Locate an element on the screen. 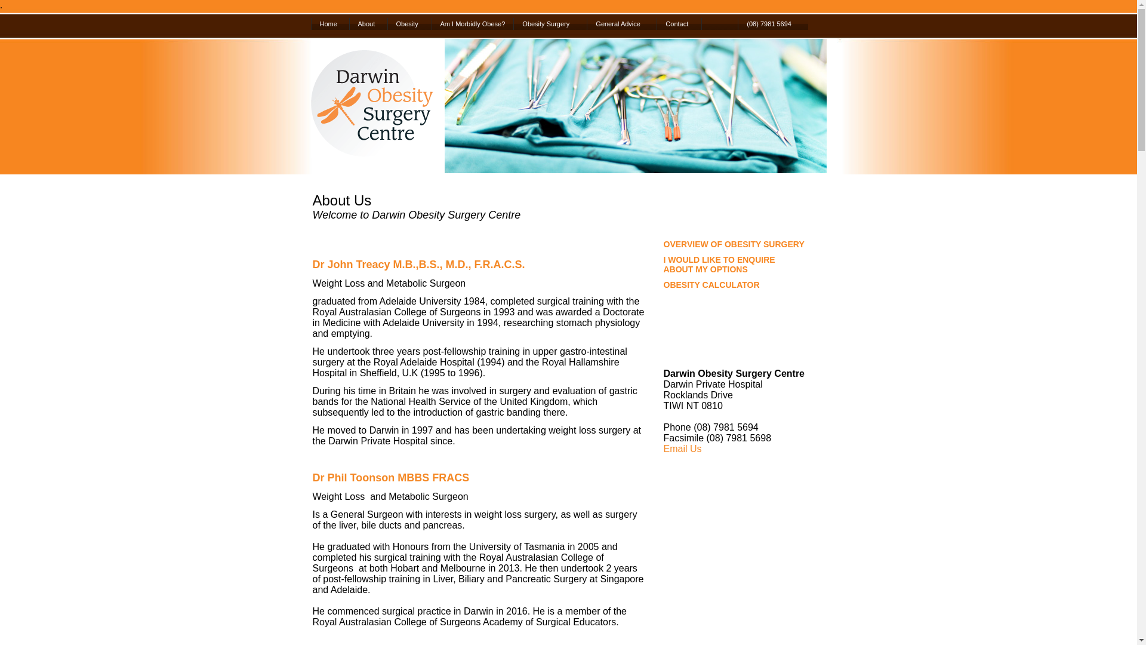 Image resolution: width=1146 pixels, height=645 pixels. 'Email Us' is located at coordinates (682, 449).